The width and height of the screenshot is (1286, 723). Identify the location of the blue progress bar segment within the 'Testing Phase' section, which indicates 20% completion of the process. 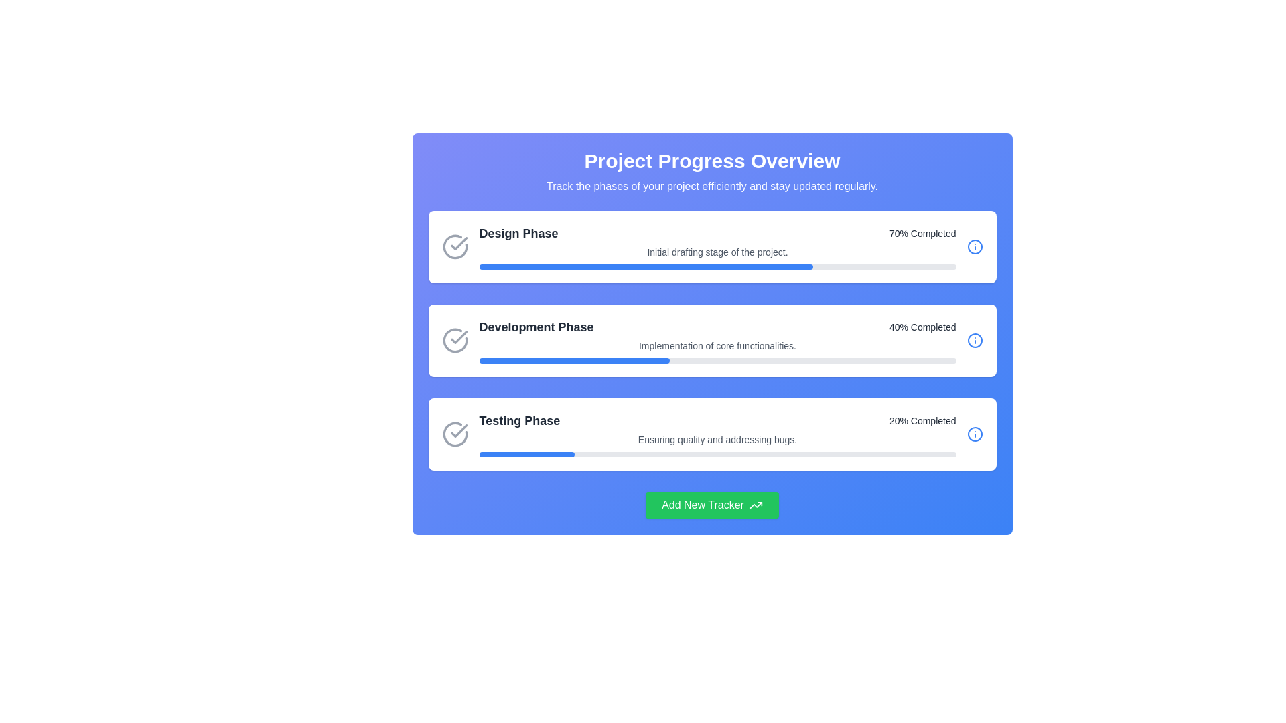
(526, 453).